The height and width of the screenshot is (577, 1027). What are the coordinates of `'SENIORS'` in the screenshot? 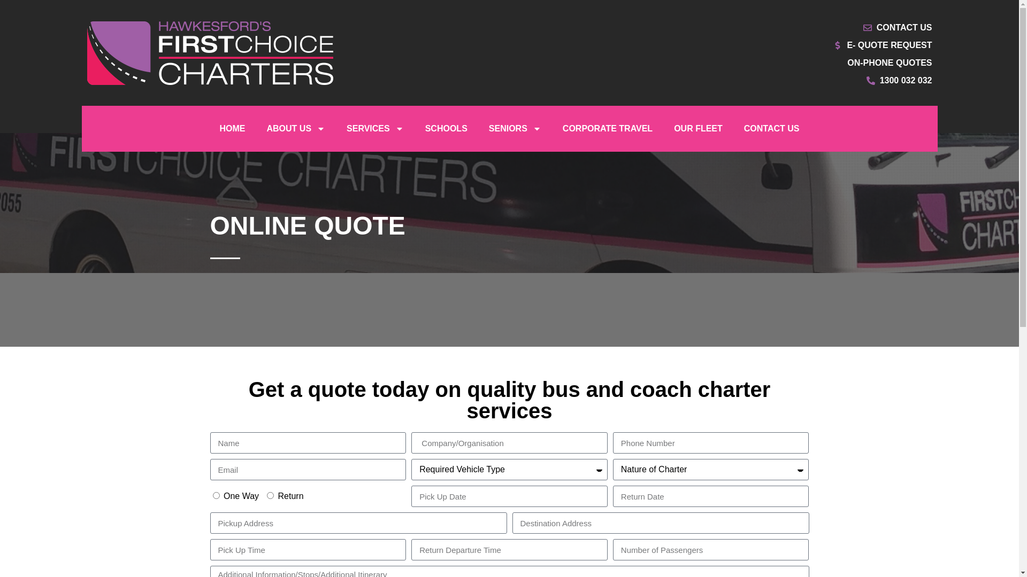 It's located at (515, 128).